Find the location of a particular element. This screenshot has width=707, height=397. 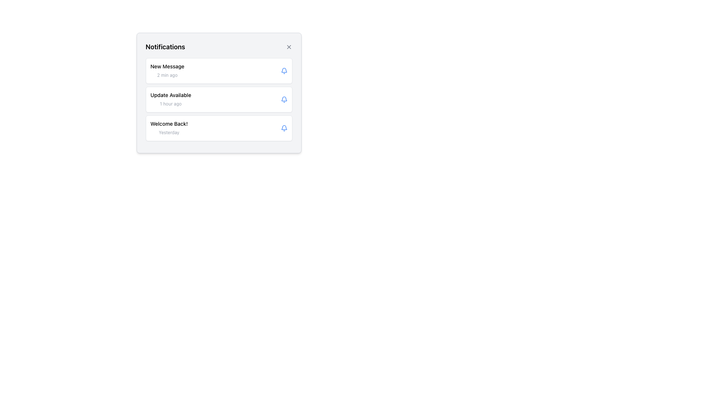

the close button icon (an 'X' shape) located in the upper-right corner of the notification panel is located at coordinates (288, 47).